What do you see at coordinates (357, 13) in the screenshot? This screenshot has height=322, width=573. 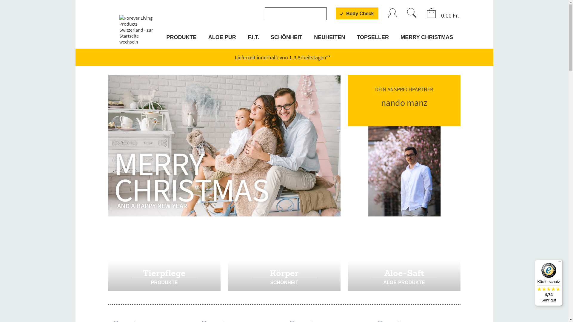 I see `'Body Check'` at bounding box center [357, 13].